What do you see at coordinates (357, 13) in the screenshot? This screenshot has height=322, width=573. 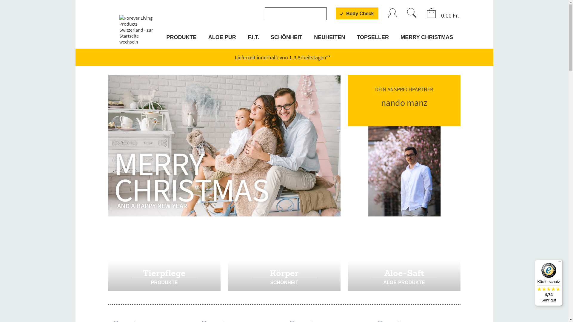 I see `'Body Check'` at bounding box center [357, 13].